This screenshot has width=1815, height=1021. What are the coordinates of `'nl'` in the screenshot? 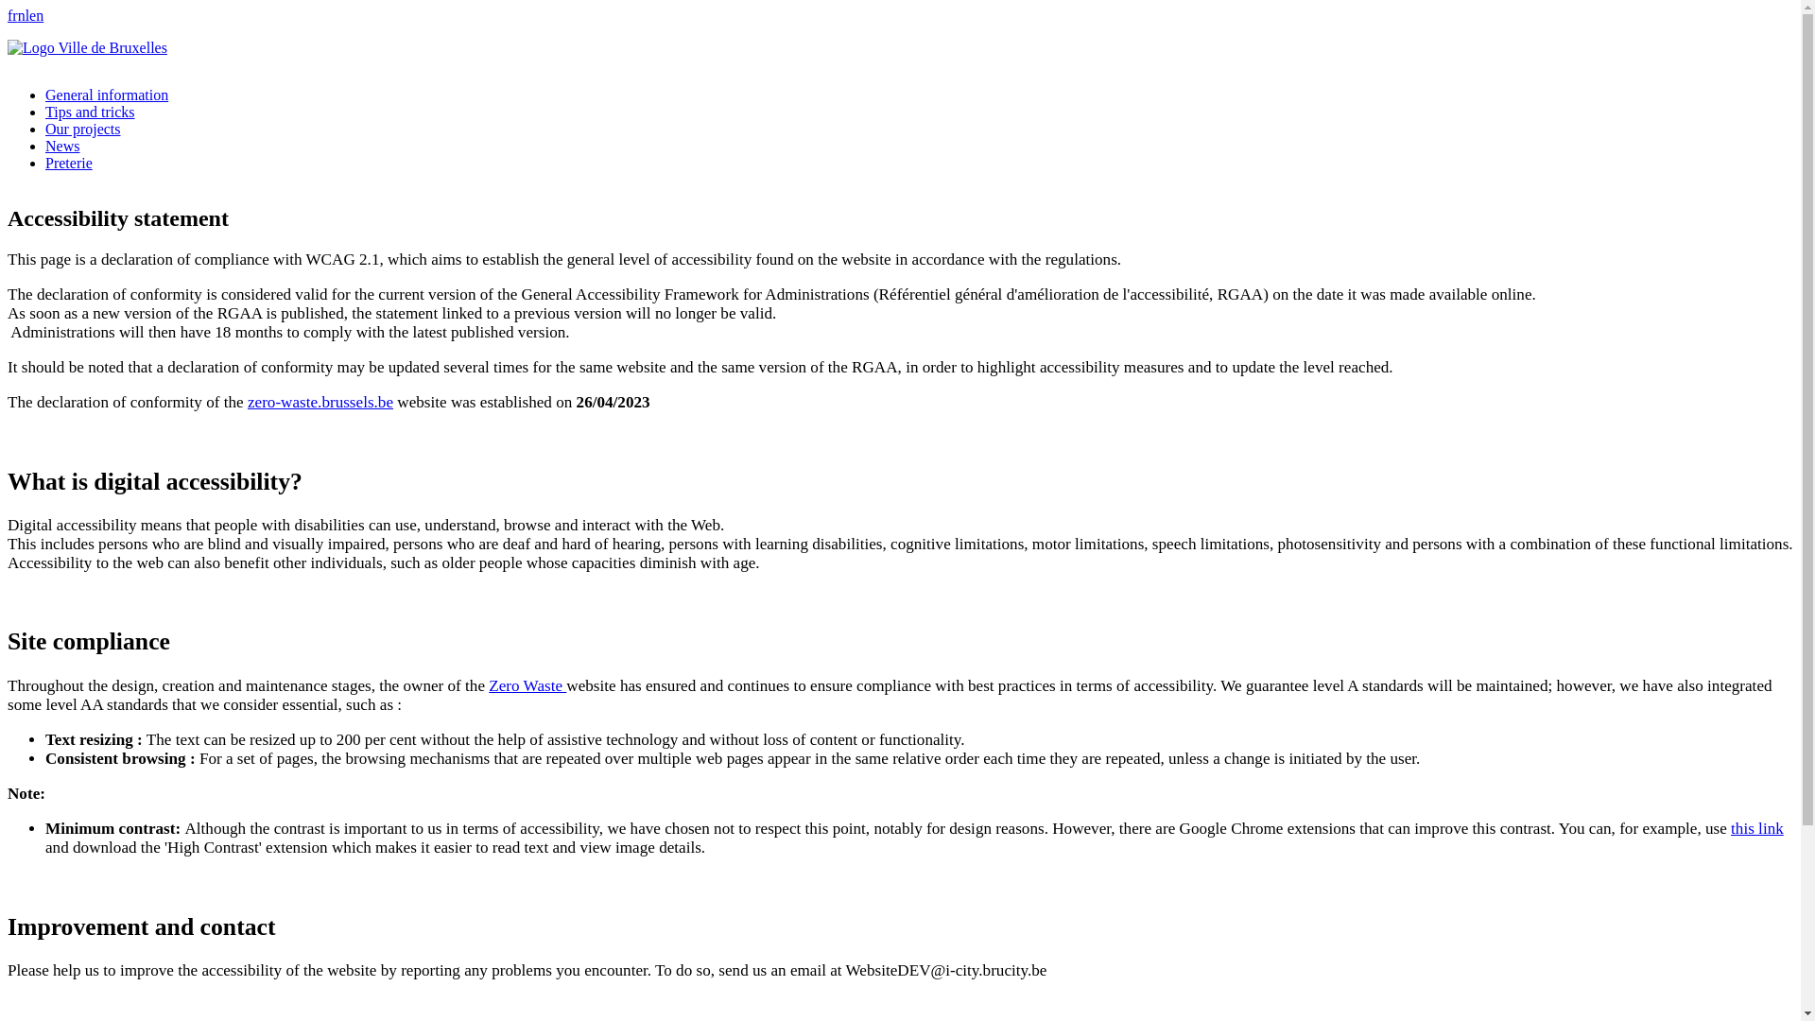 It's located at (23, 15).